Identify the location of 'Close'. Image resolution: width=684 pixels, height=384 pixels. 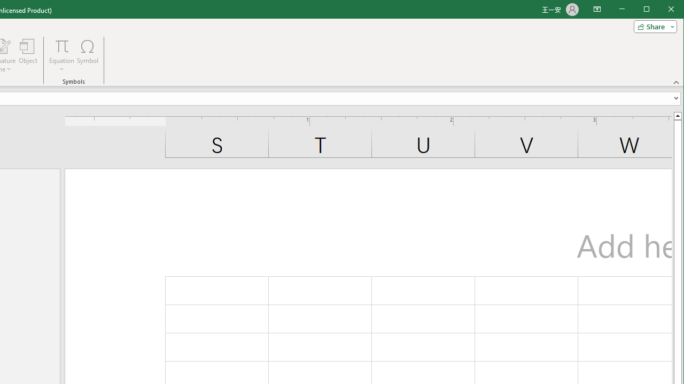
(673, 10).